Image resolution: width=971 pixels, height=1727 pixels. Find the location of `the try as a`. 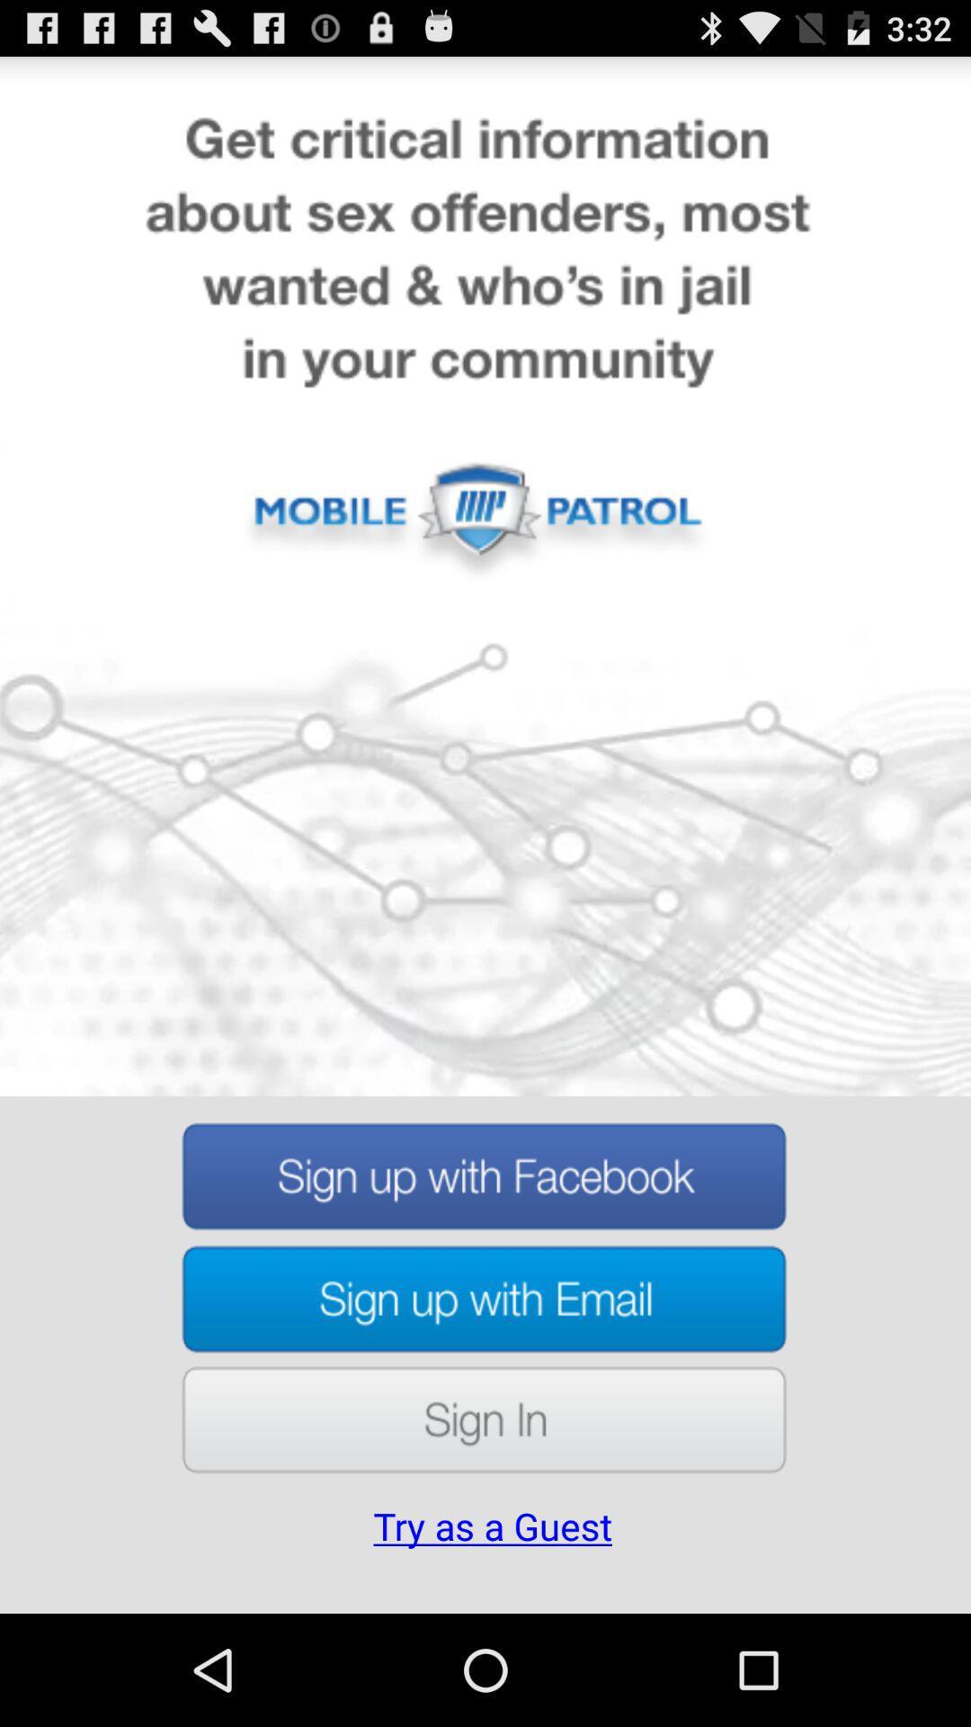

the try as a is located at coordinates (493, 1551).